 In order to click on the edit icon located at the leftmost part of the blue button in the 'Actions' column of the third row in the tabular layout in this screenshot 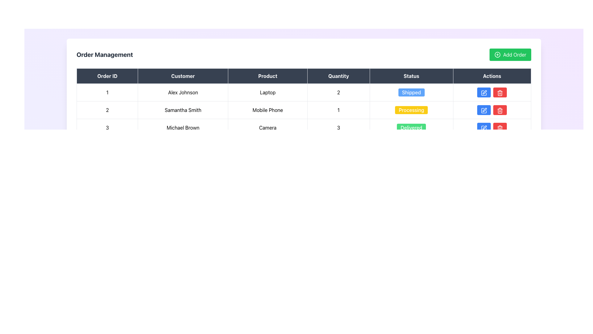, I will do `click(484, 128)`.